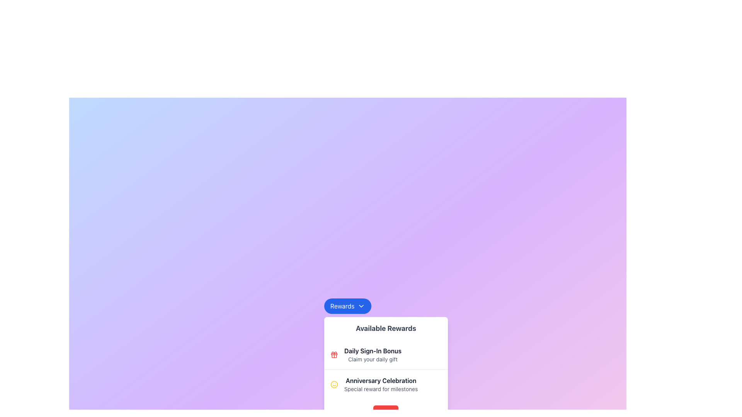 Image resolution: width=742 pixels, height=417 pixels. I want to click on the informational section that provides details about the Daily Sign-In Bonus, which is the first item in the 'Available Rewards' dropdown menu, so click(386, 354).